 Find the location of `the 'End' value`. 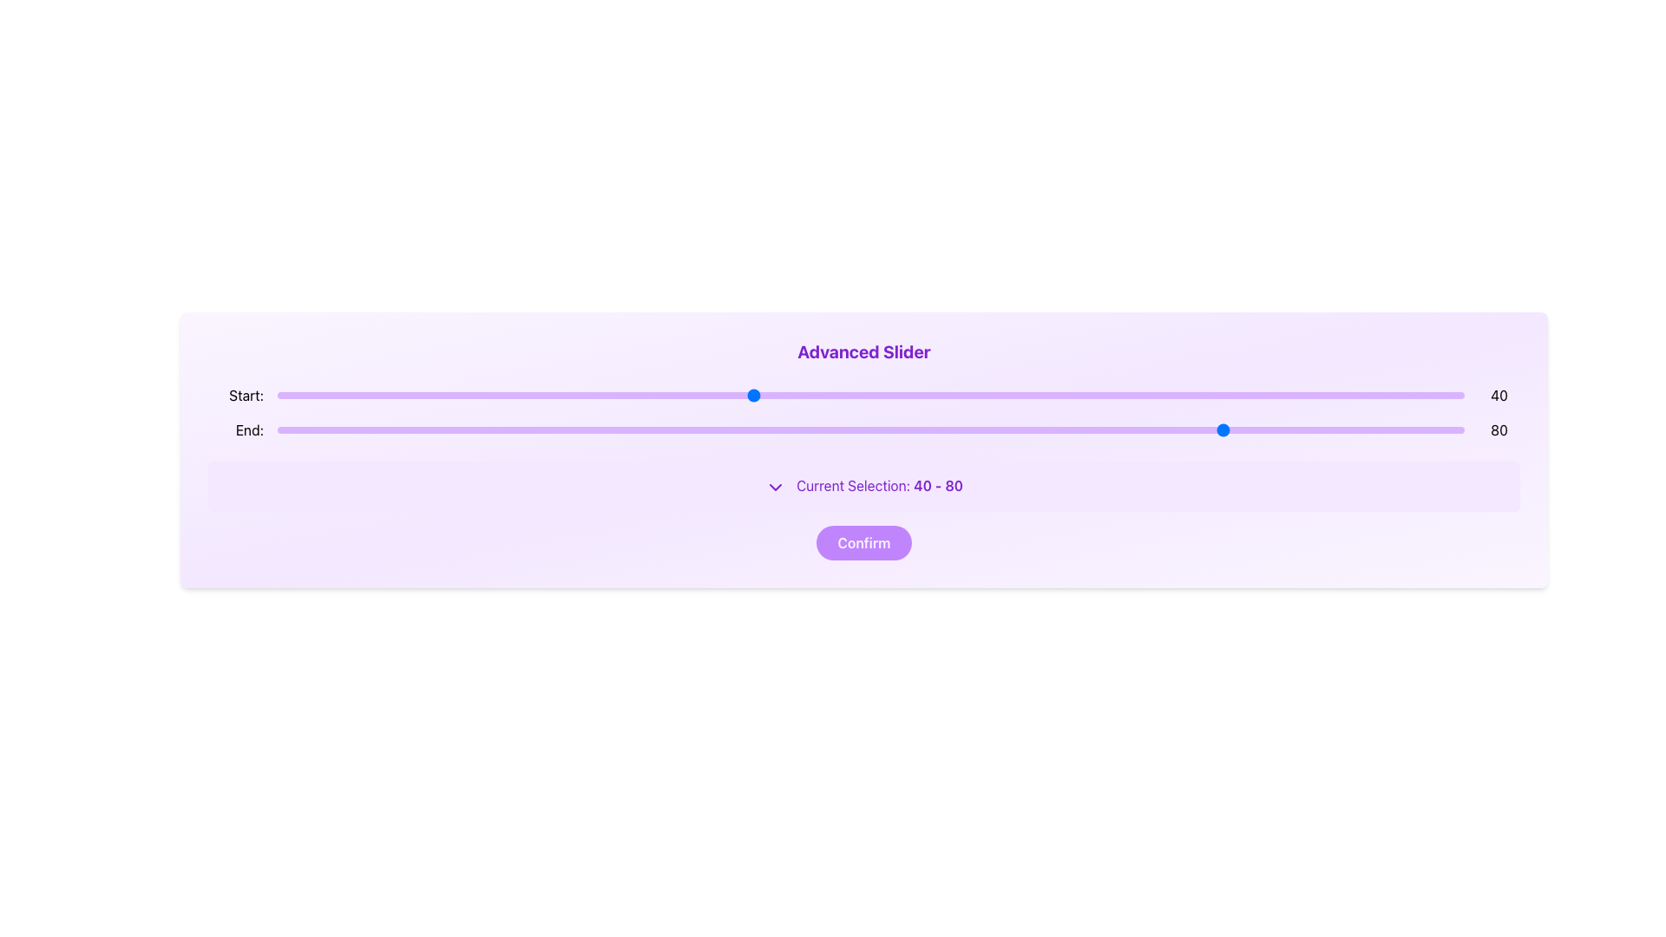

the 'End' value is located at coordinates (456, 429).